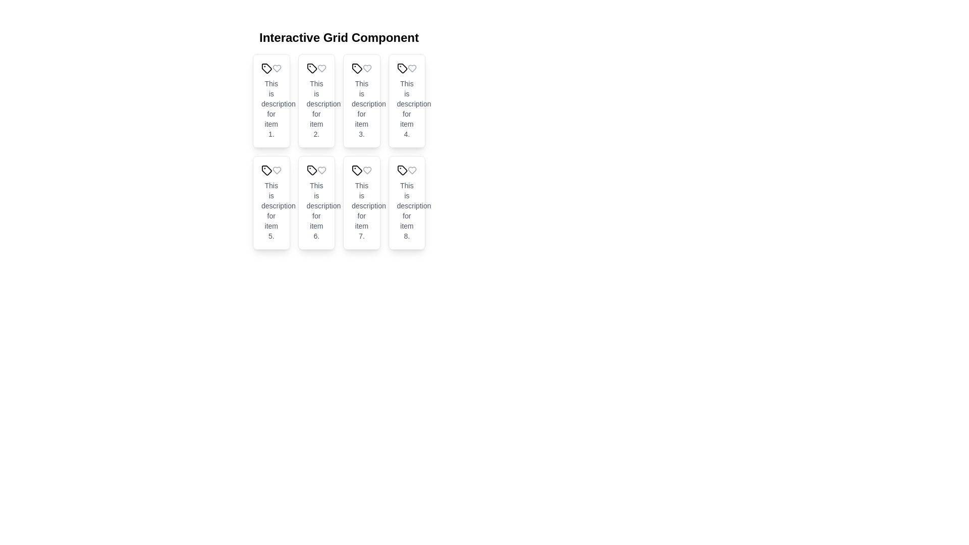 This screenshot has height=545, width=969. I want to click on the heart icon of the decorative element combining two SVG icons, which serves as a visual identifier for the card, located at the top section of the first card in the grid layout, so click(271, 68).